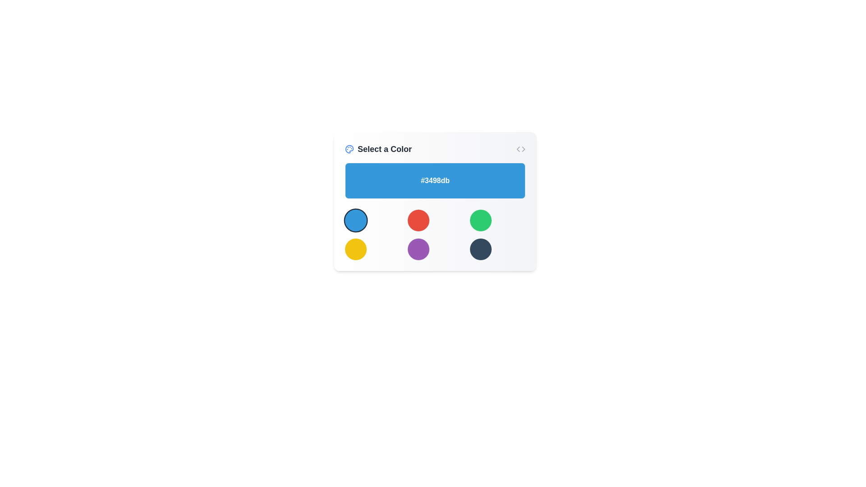 The height and width of the screenshot is (487, 866). I want to click on the color code element of the Interactive color selection widget, so click(435, 201).